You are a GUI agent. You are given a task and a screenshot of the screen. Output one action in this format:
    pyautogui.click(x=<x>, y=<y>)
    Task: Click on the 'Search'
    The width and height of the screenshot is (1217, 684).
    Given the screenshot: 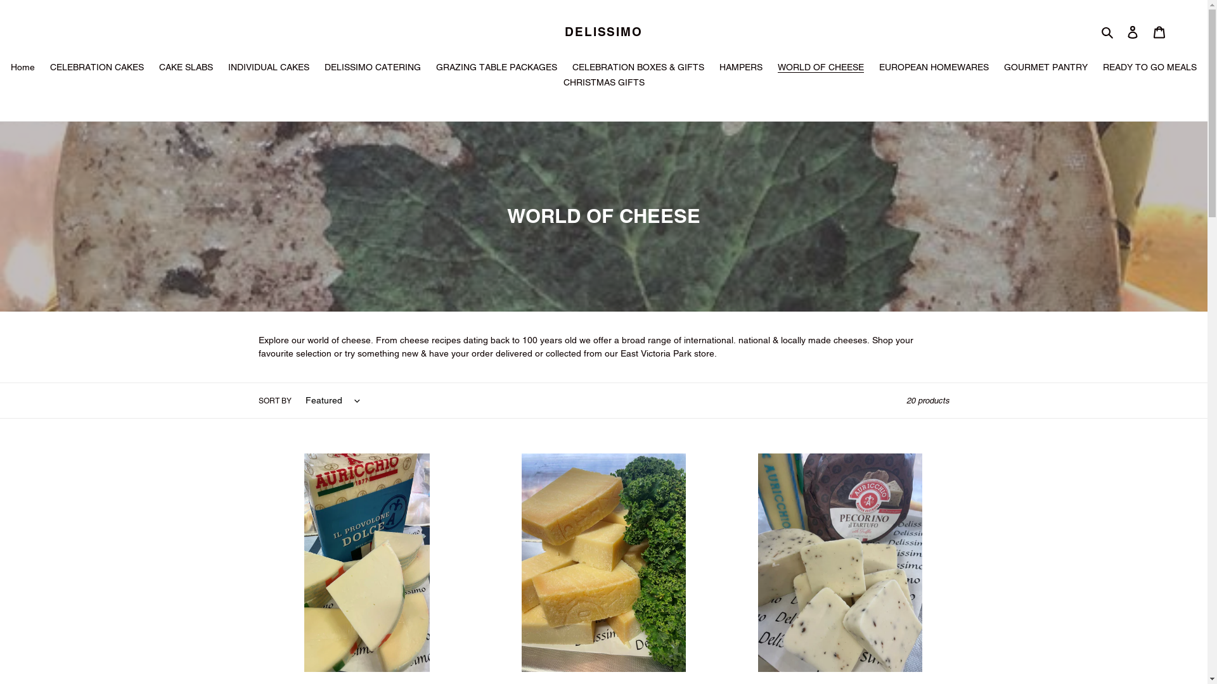 What is the action you would take?
    pyautogui.click(x=1107, y=31)
    